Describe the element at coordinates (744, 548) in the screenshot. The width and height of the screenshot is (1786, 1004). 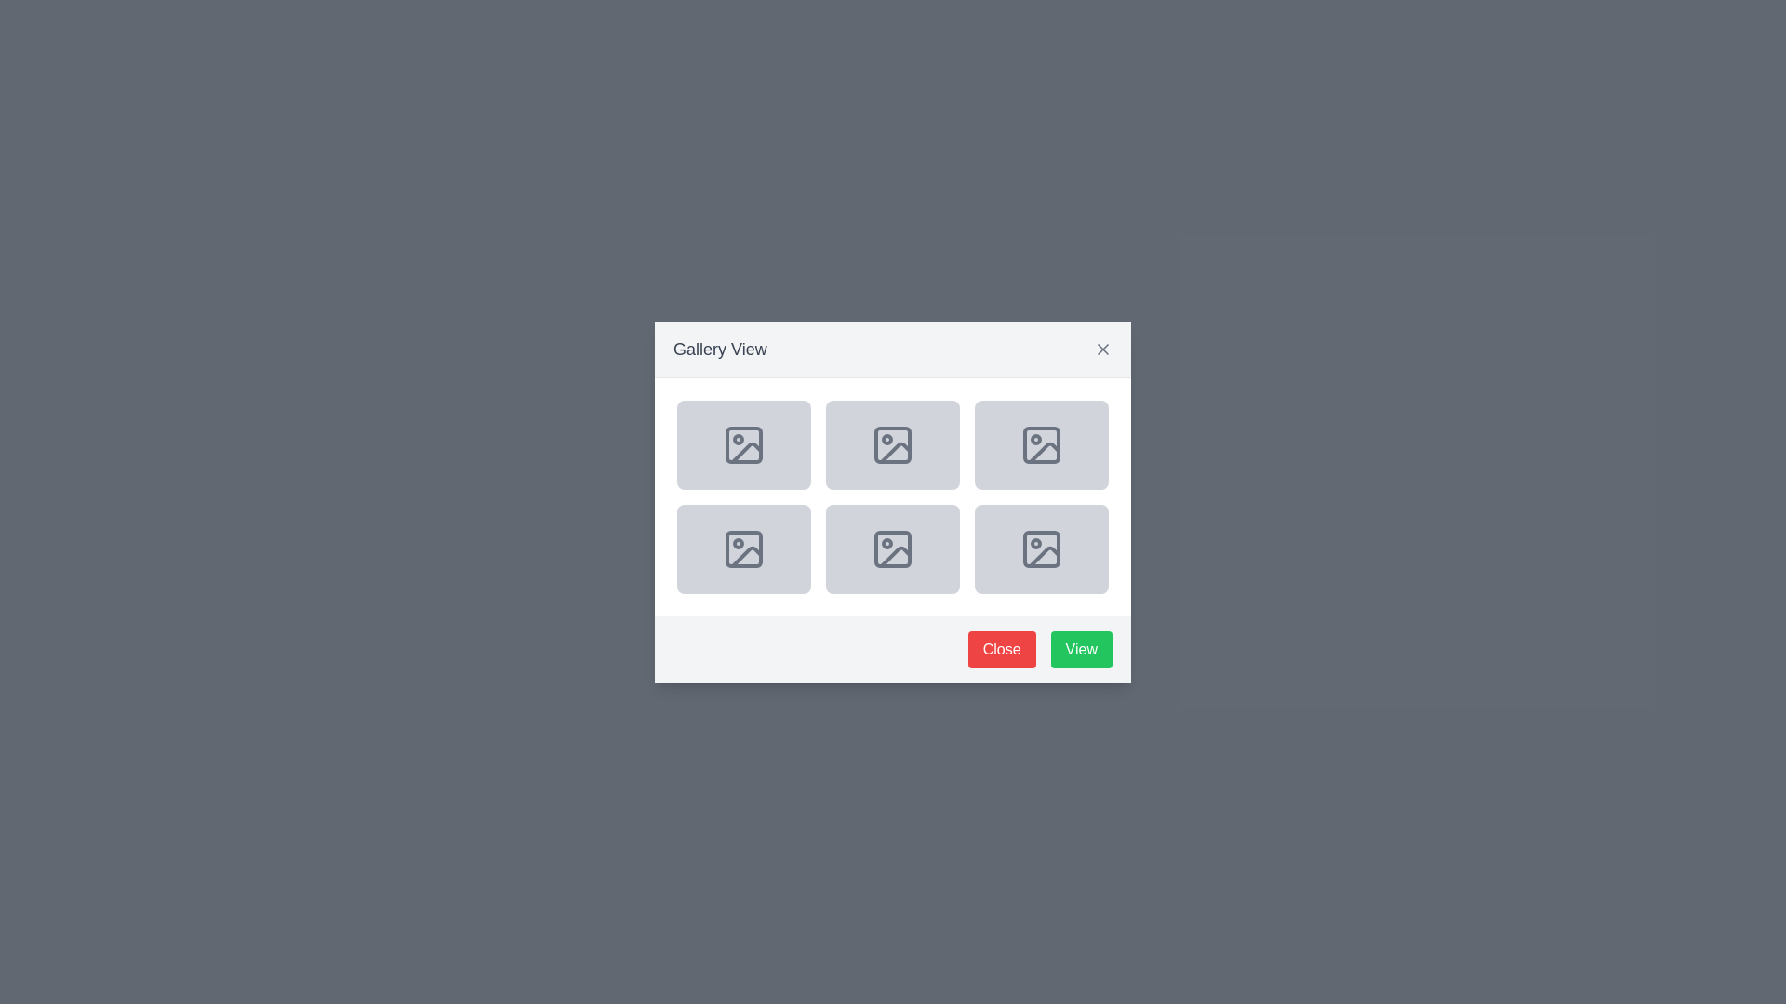
I see `the image placeholder icon located in the second row and first column of the gallery display` at that location.